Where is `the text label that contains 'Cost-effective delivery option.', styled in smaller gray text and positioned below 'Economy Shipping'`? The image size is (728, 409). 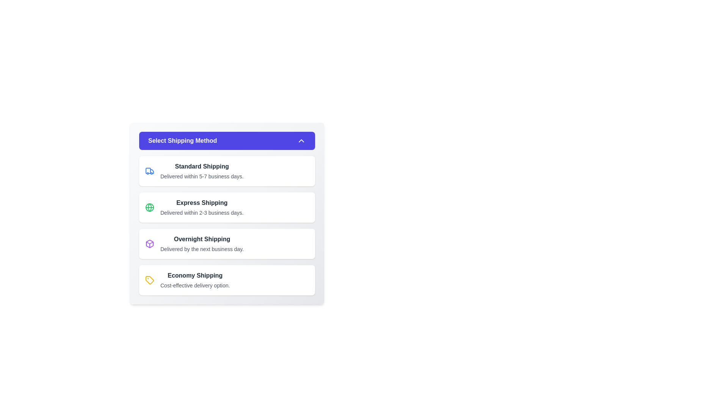 the text label that contains 'Cost-effective delivery option.', styled in smaller gray text and positioned below 'Economy Shipping' is located at coordinates (195, 285).